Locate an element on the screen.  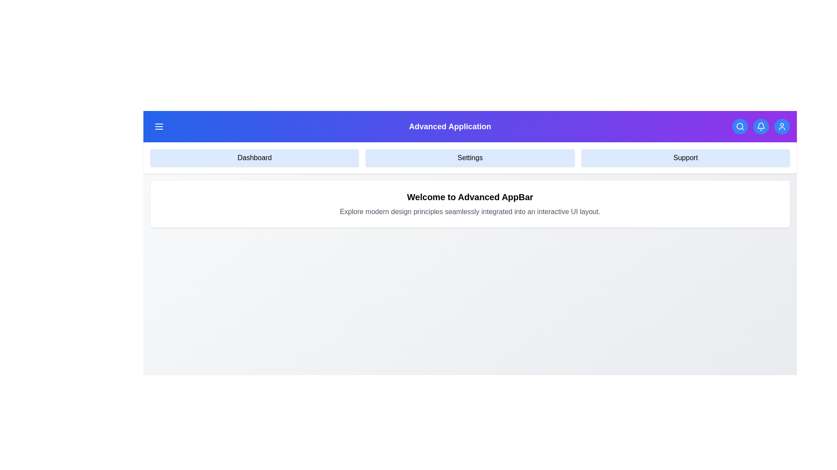
the menu button to toggle the menu visibility is located at coordinates (159, 126).